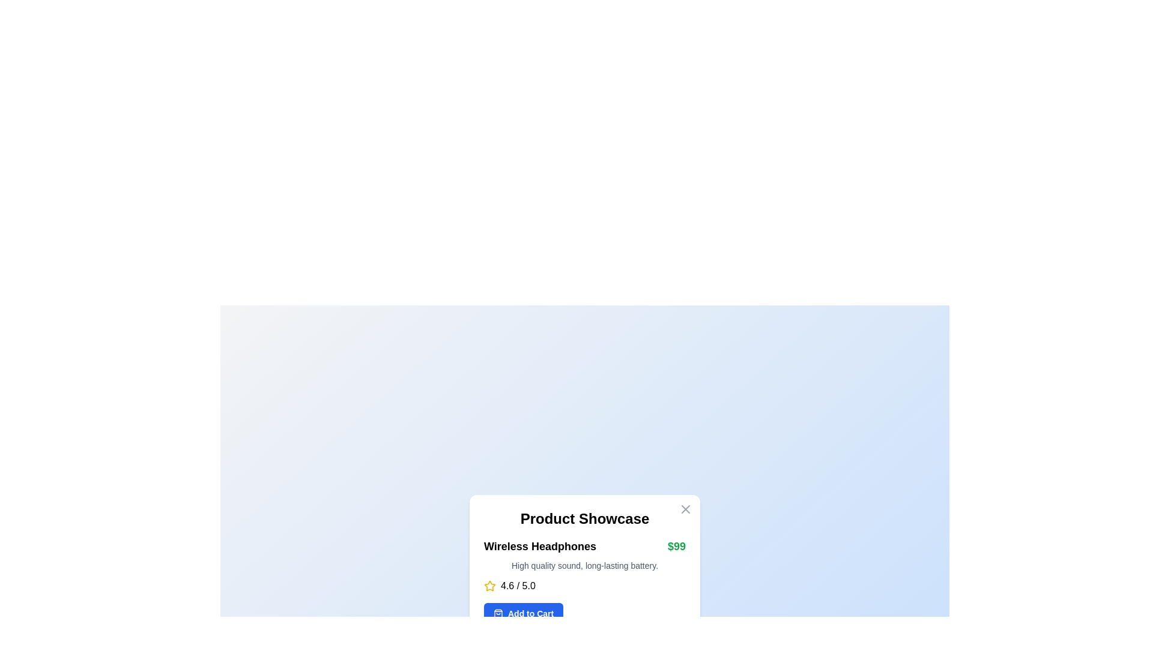  I want to click on the text snippet reading 'High quality sound, long-lasting battery.' which is styled with a small gray font and located beneath the product title 'Wireless Headphones' and price '$99', so click(585, 565).